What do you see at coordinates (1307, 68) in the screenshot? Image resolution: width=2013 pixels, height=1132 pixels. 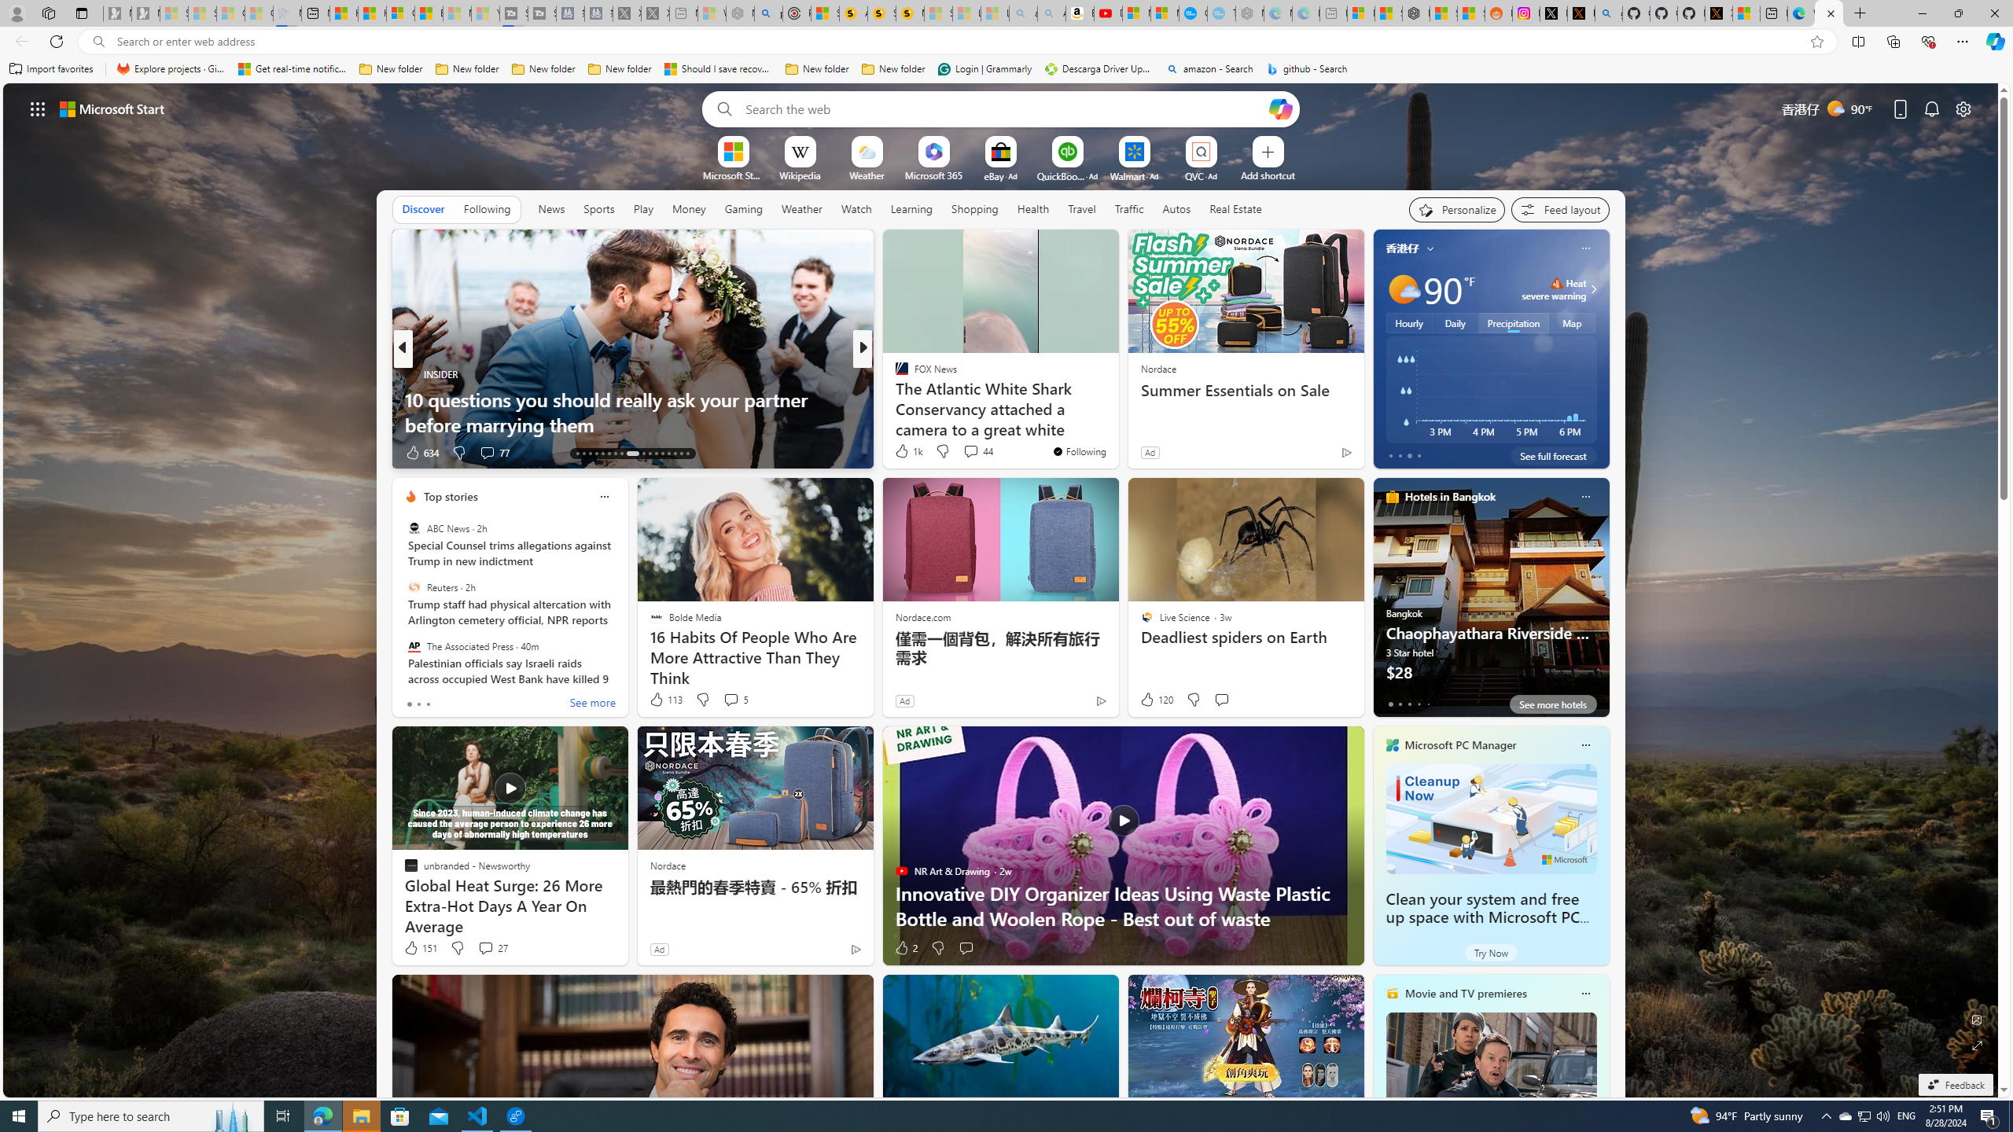 I see `'github - Search'` at bounding box center [1307, 68].